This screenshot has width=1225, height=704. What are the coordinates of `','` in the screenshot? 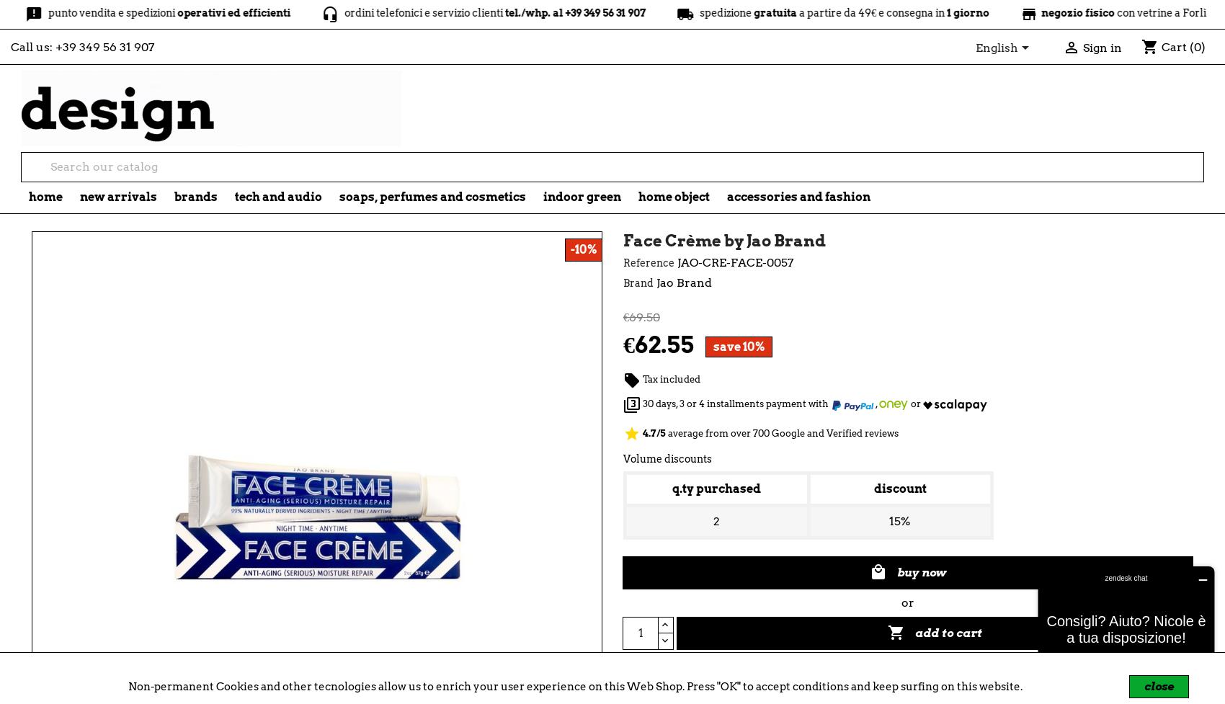 It's located at (876, 403).